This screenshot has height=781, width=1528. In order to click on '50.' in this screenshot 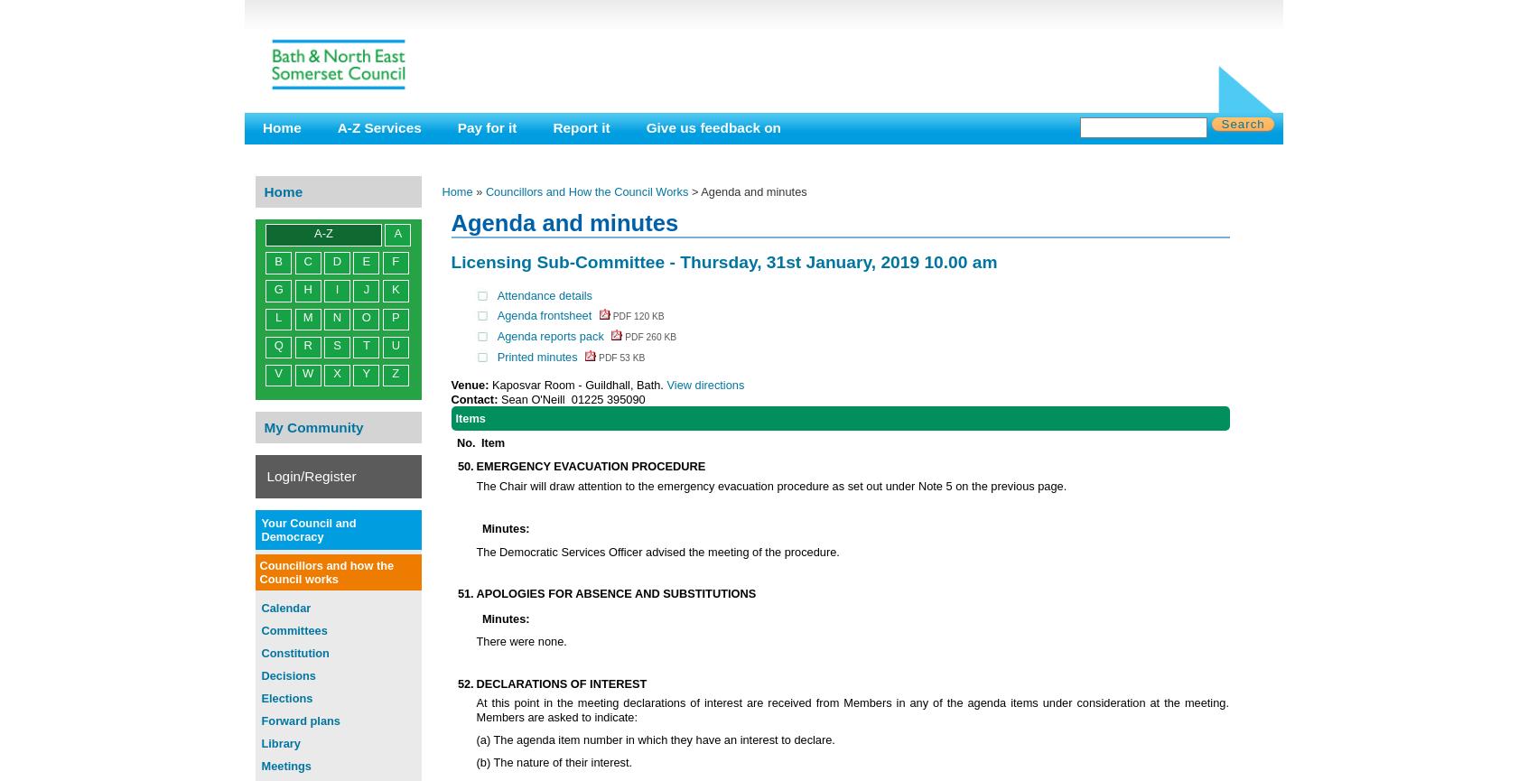, I will do `click(465, 465)`.